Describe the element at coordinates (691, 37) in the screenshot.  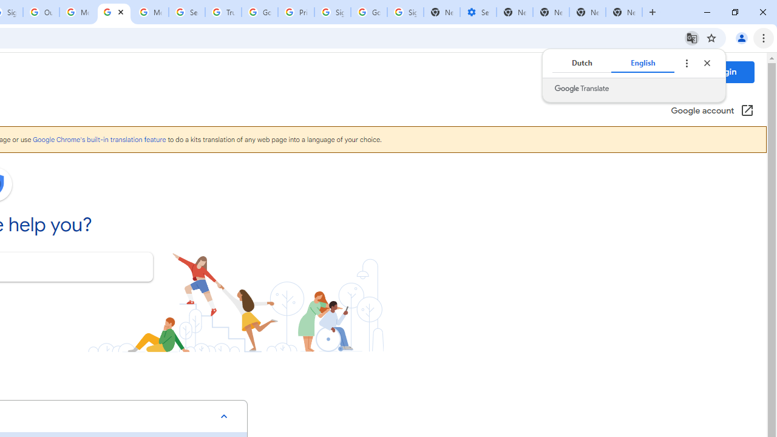
I see `'Translate this page'` at that location.